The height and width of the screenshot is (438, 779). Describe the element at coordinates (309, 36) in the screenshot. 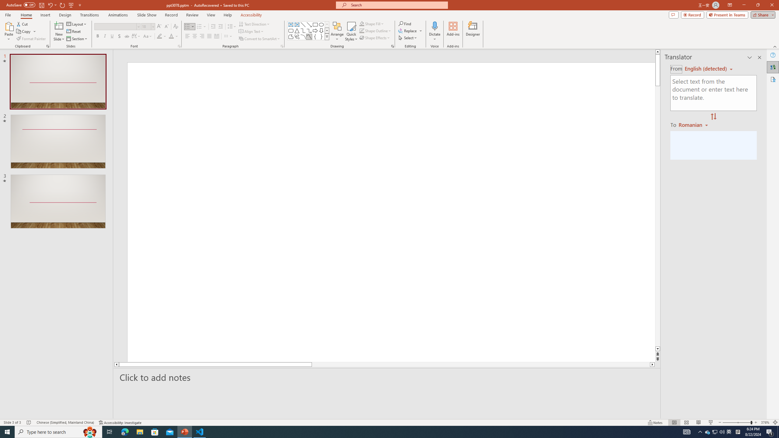

I see `'Curve'` at that location.